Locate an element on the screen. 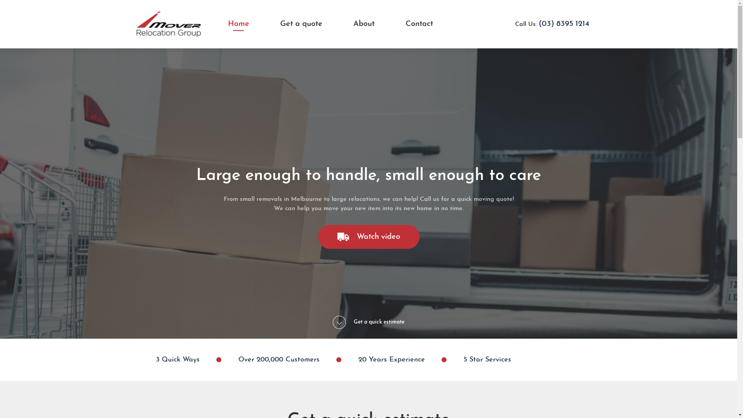 The image size is (743, 418). '(03) 8395 1214' is located at coordinates (564, 23).